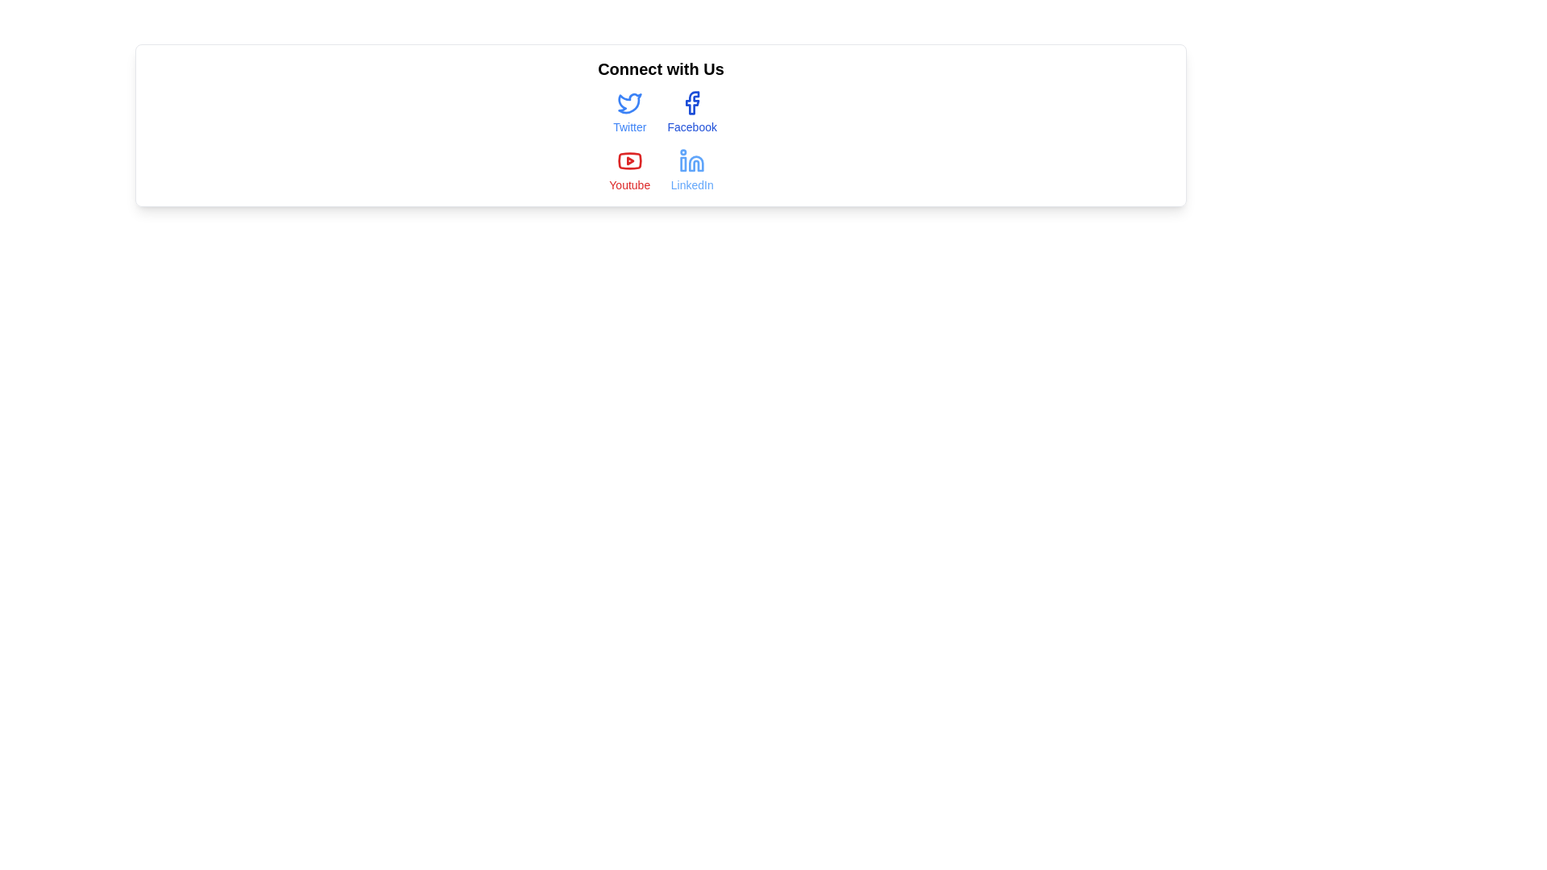 This screenshot has width=1547, height=870. What do you see at coordinates (628, 102) in the screenshot?
I see `the Twitter icon, which is a blue outlined bird icon located in the 'Connect with Us' section above the text label 'Twitter'` at bounding box center [628, 102].